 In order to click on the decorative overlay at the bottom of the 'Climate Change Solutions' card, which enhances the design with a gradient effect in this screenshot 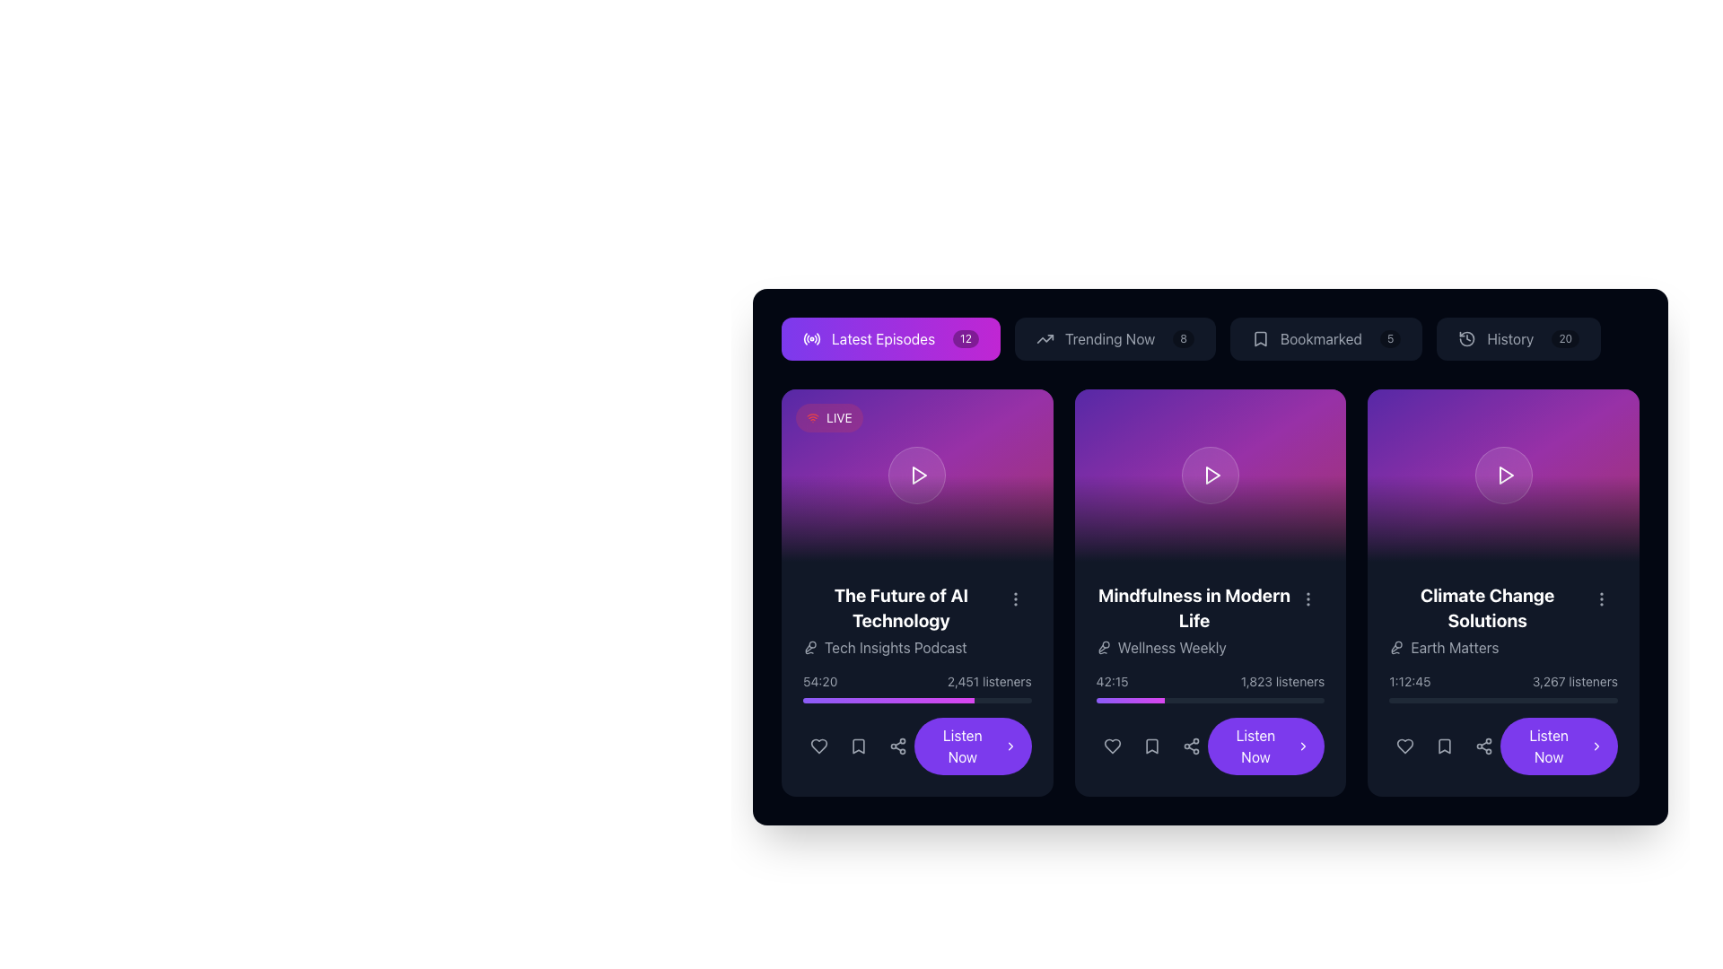, I will do `click(1503, 519)`.